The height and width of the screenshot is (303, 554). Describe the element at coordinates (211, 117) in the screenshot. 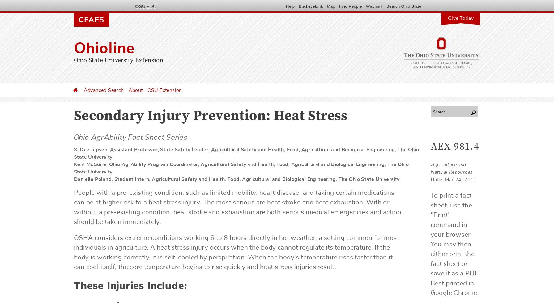

I see `'Secondary Injury Prevention: Heat Stress'` at that location.